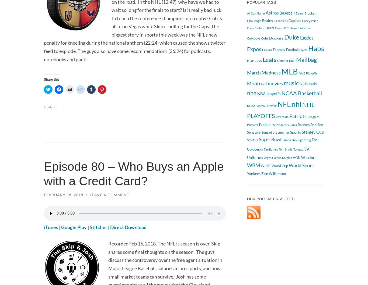 This screenshot has height=285, width=368. Describe the element at coordinates (86, 194) in the screenshot. I see `'/'` at that location.